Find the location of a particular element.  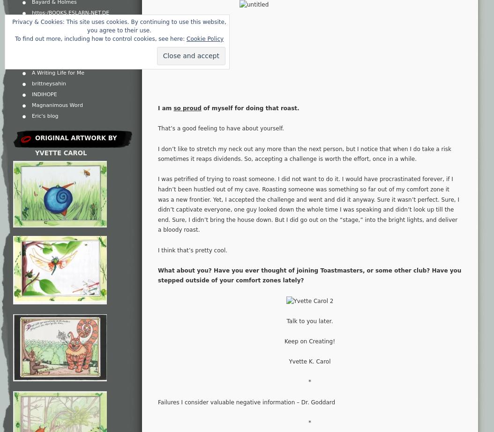

'Talk to you later.' is located at coordinates (309, 321).